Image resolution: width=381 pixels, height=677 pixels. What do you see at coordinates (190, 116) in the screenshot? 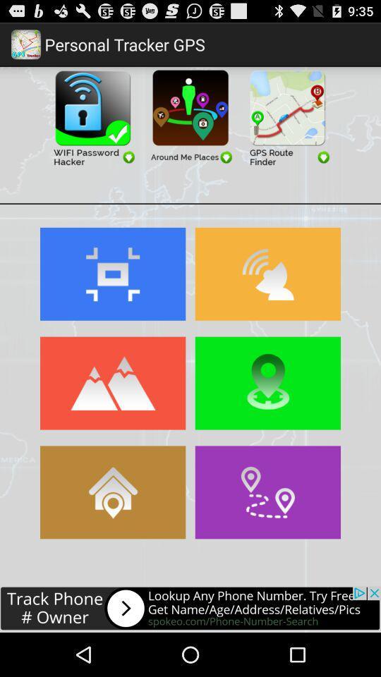
I see `the widget` at bounding box center [190, 116].